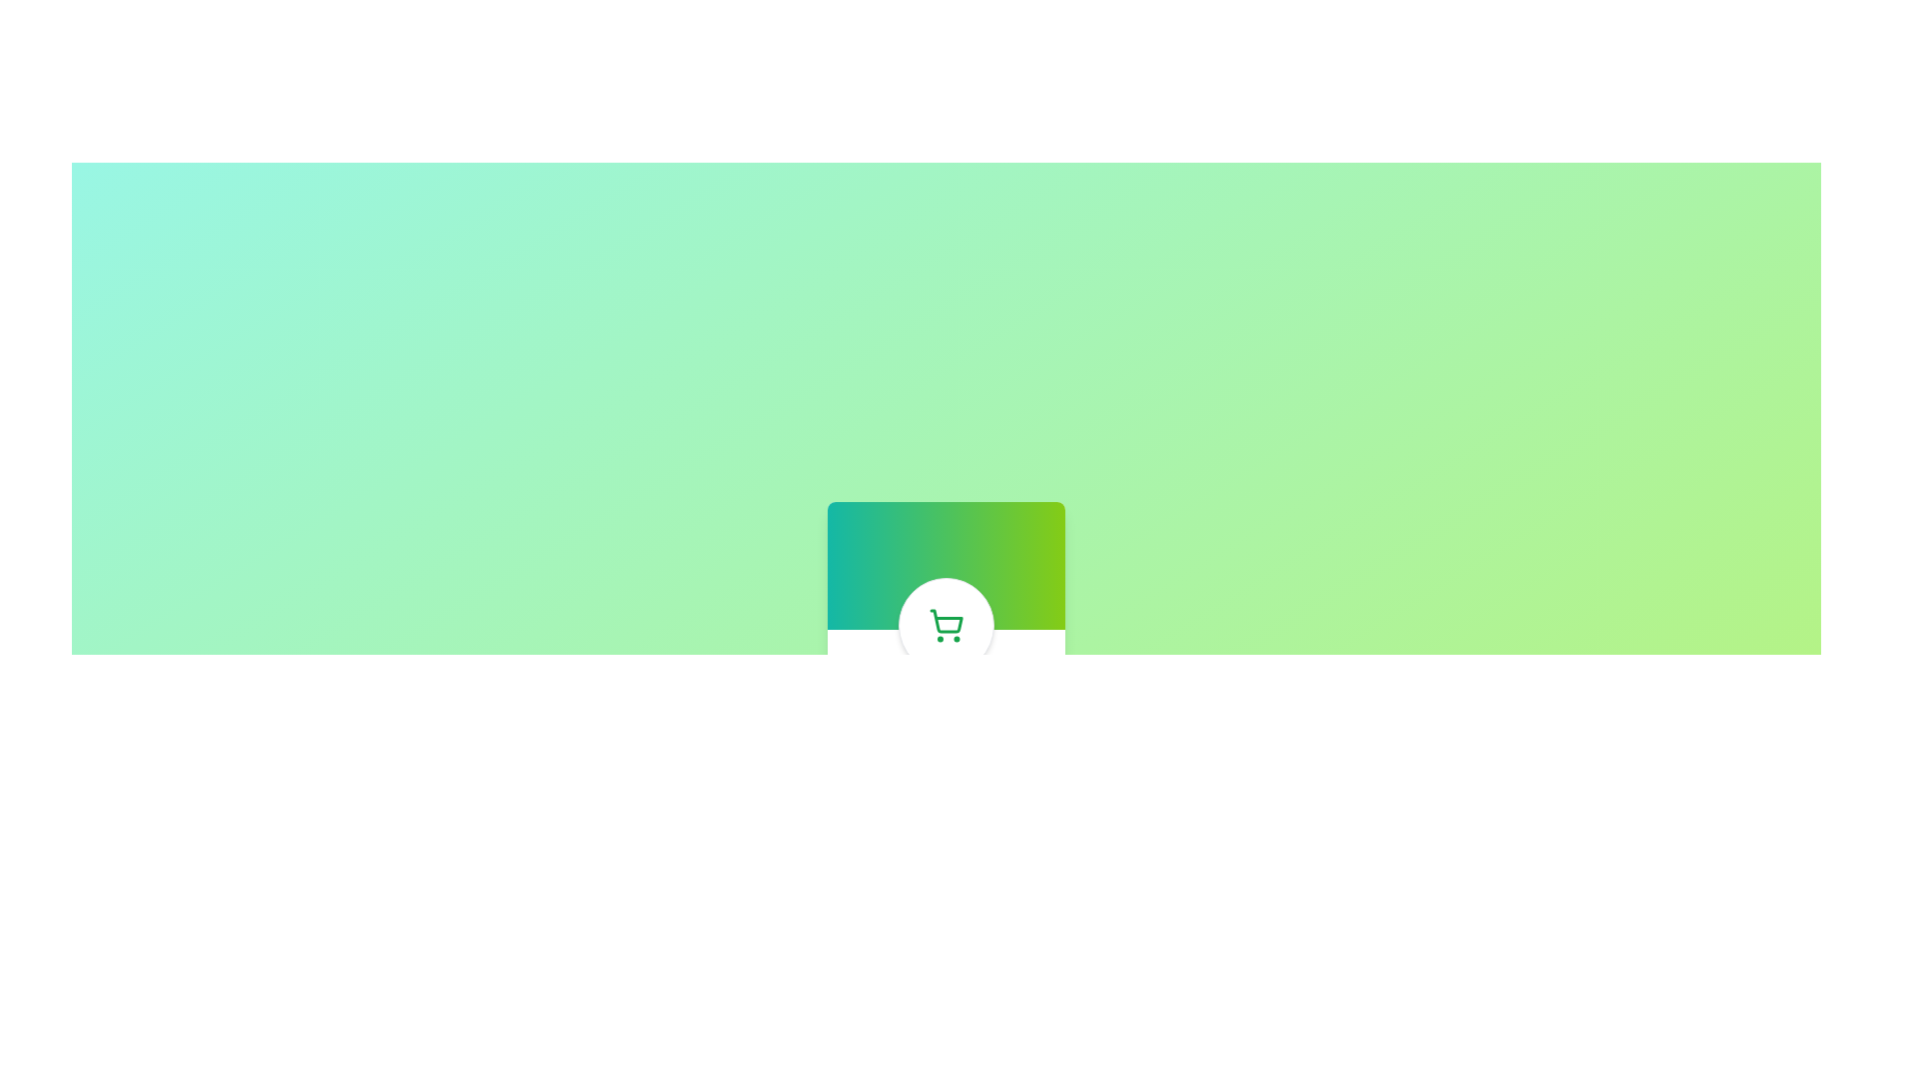 The height and width of the screenshot is (1078, 1917). Describe the element at coordinates (945, 625) in the screenshot. I see `the shopping cart icon, which is a circular bordered element centered at the bottom of a green gradient background` at that location.